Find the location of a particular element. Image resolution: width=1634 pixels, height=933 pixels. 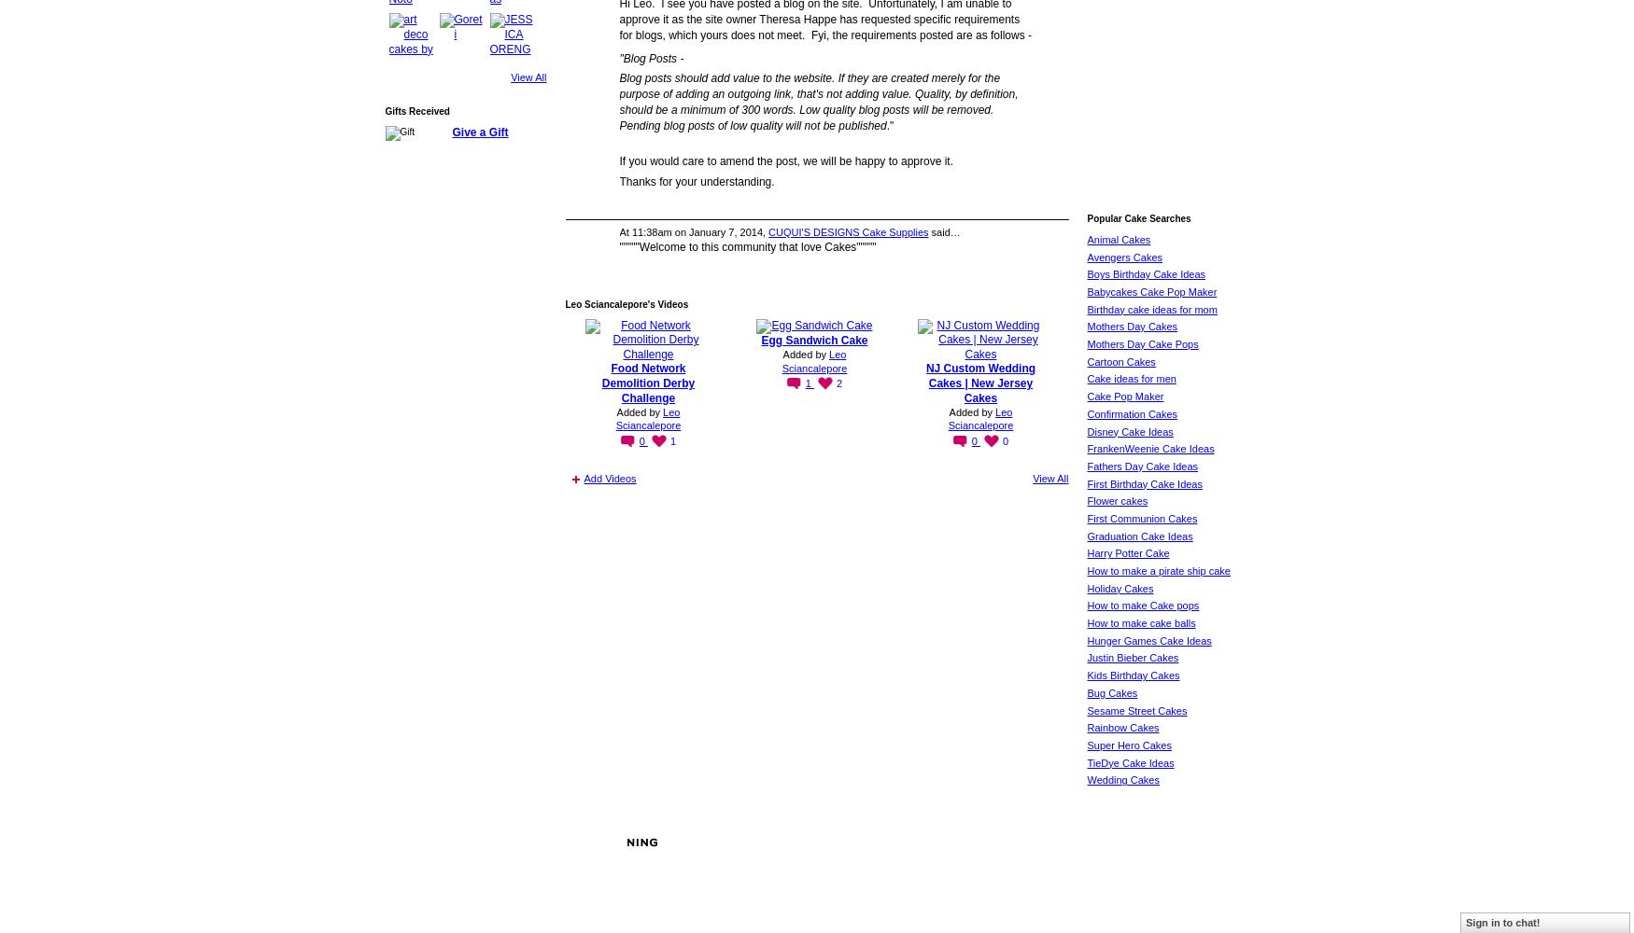

'How to make Cake pops' is located at coordinates (1142, 606).